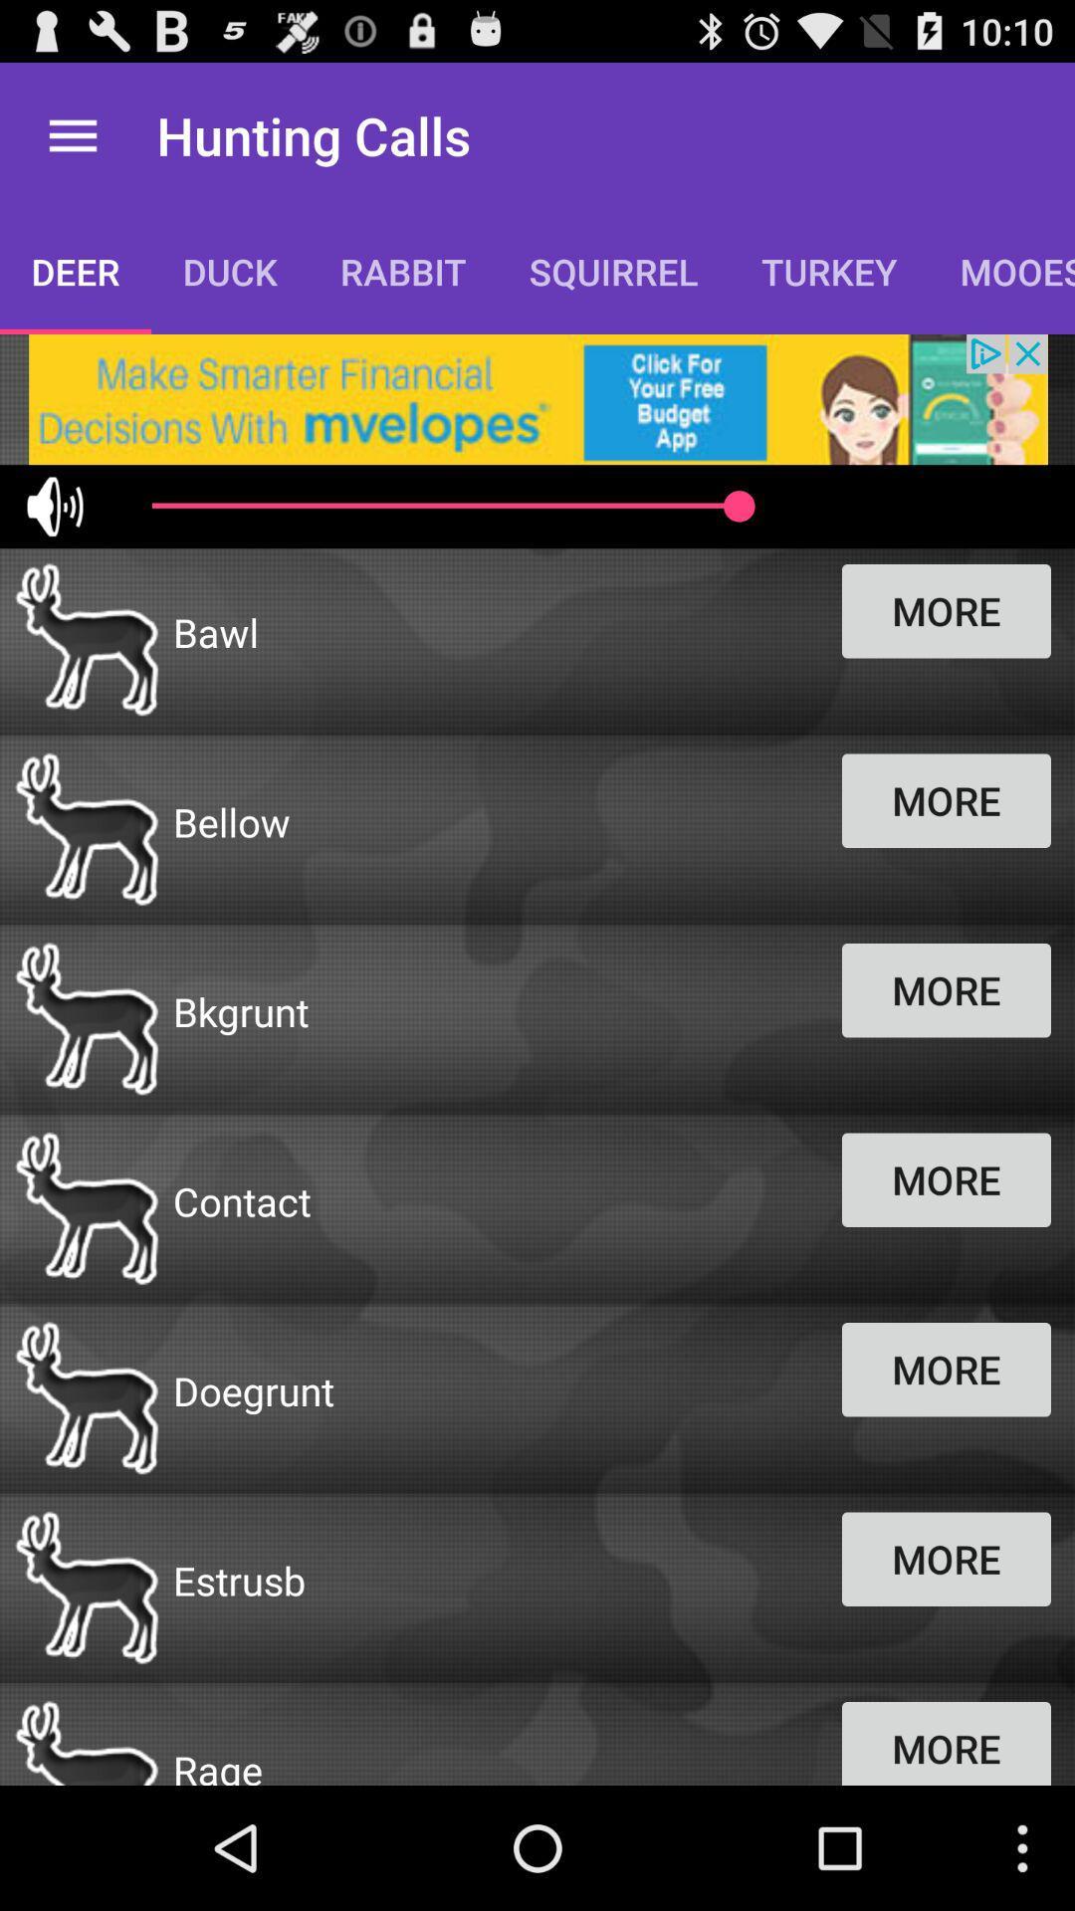 This screenshot has height=1911, width=1075. Describe the element at coordinates (537, 398) in the screenshot. I see `it is notification key` at that location.